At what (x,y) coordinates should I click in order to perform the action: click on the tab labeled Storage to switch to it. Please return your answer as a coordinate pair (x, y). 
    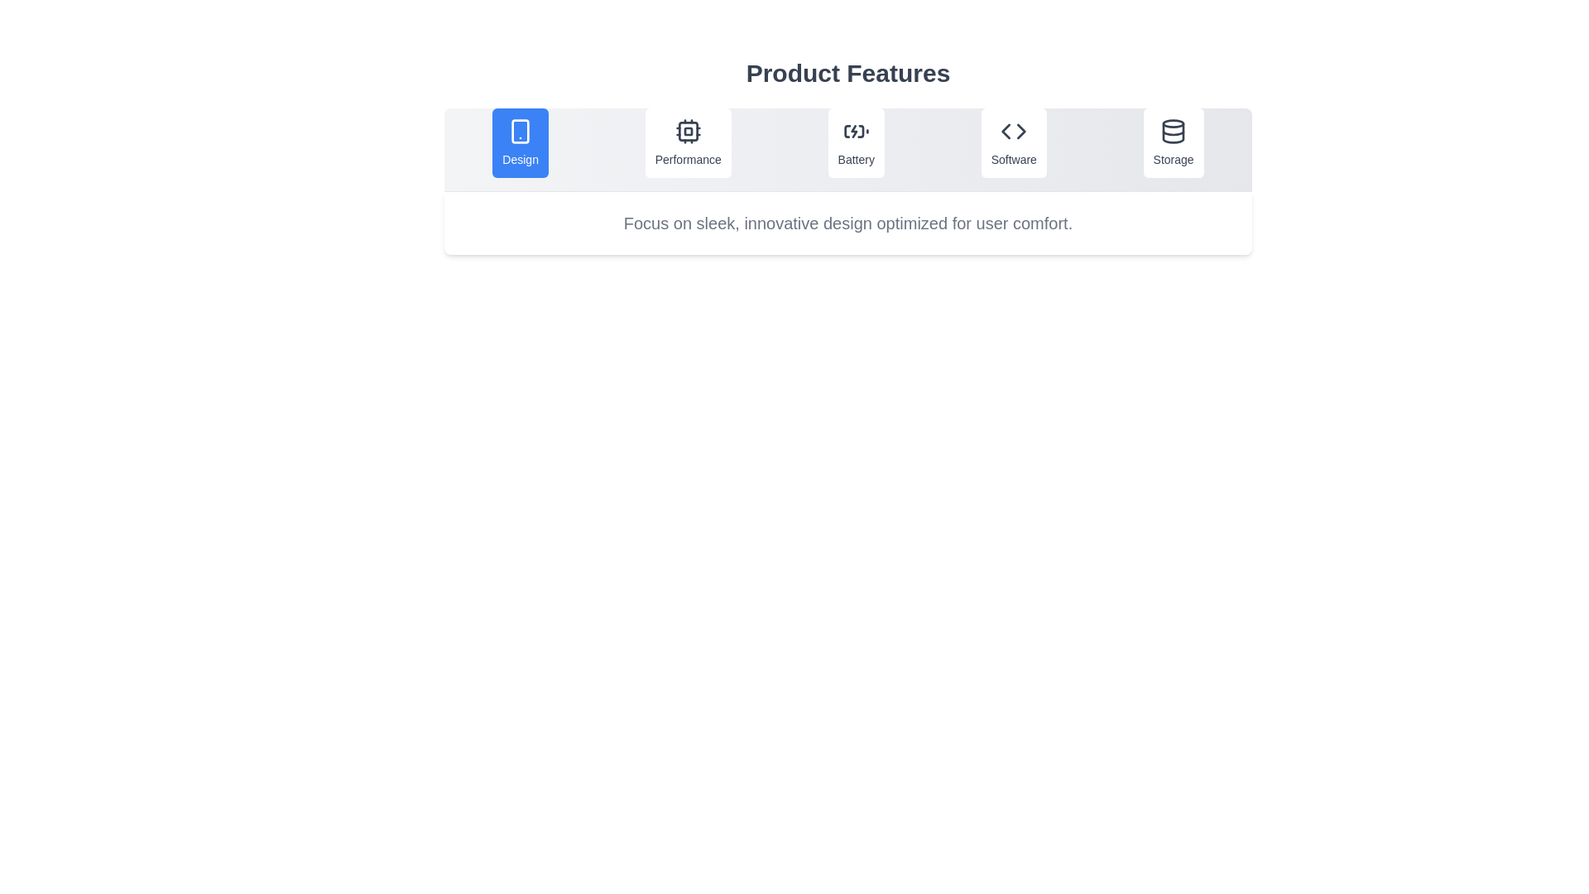
    Looking at the image, I should click on (1173, 142).